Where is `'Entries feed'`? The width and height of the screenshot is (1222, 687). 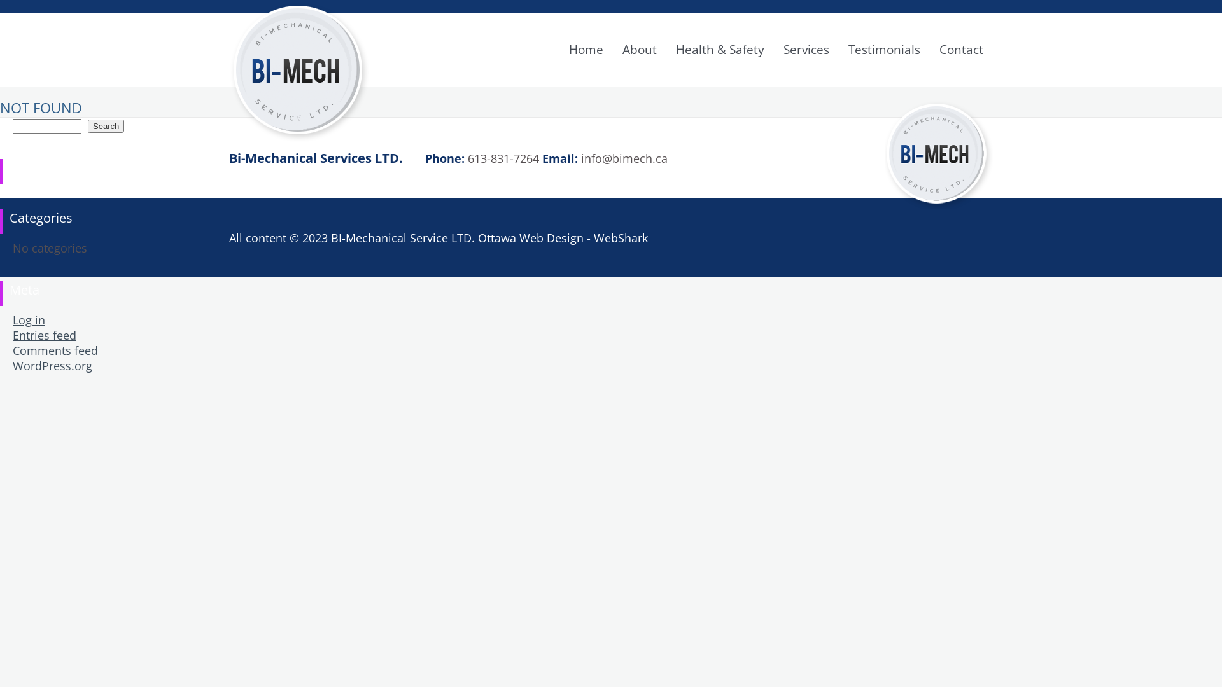 'Entries feed' is located at coordinates (45, 335).